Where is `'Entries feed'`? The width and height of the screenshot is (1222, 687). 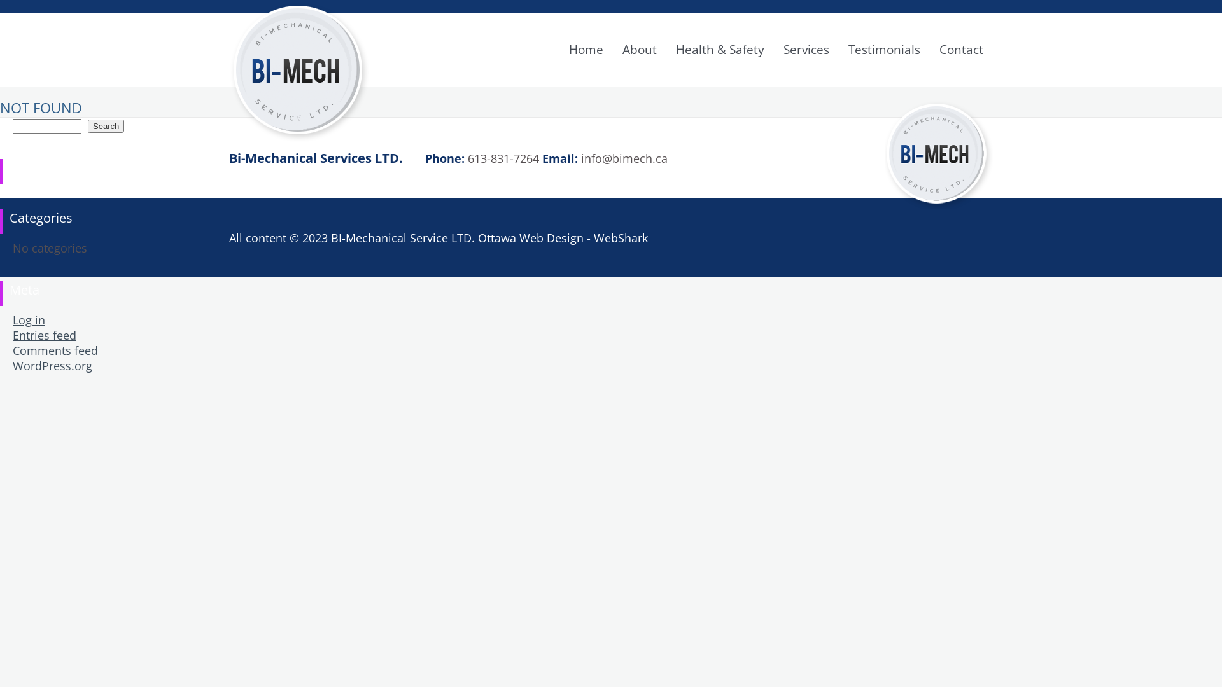 'Entries feed' is located at coordinates (45, 335).